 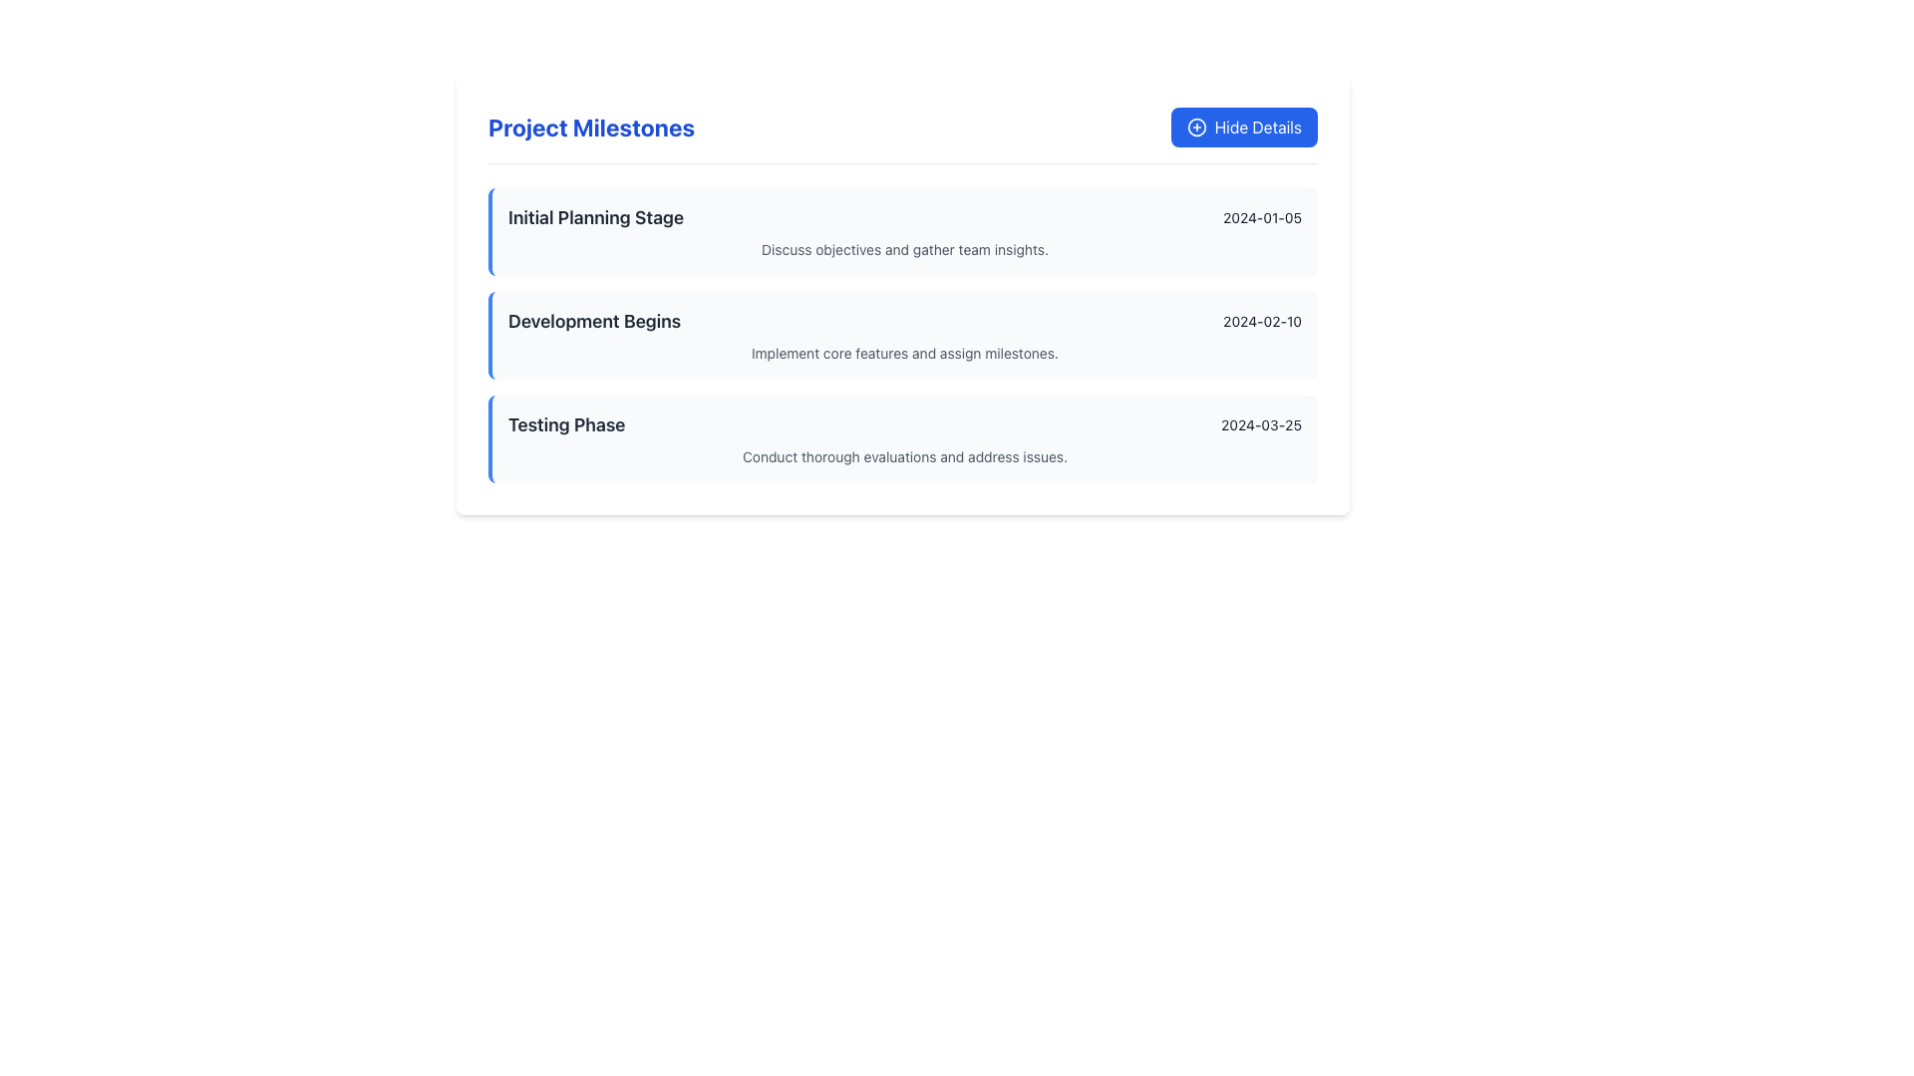 I want to click on the static text displaying the date '2024-01-05' which is styled in a small-sized, dark gray font and located next to the bold label 'Initial Planning Stage', so click(x=1261, y=218).